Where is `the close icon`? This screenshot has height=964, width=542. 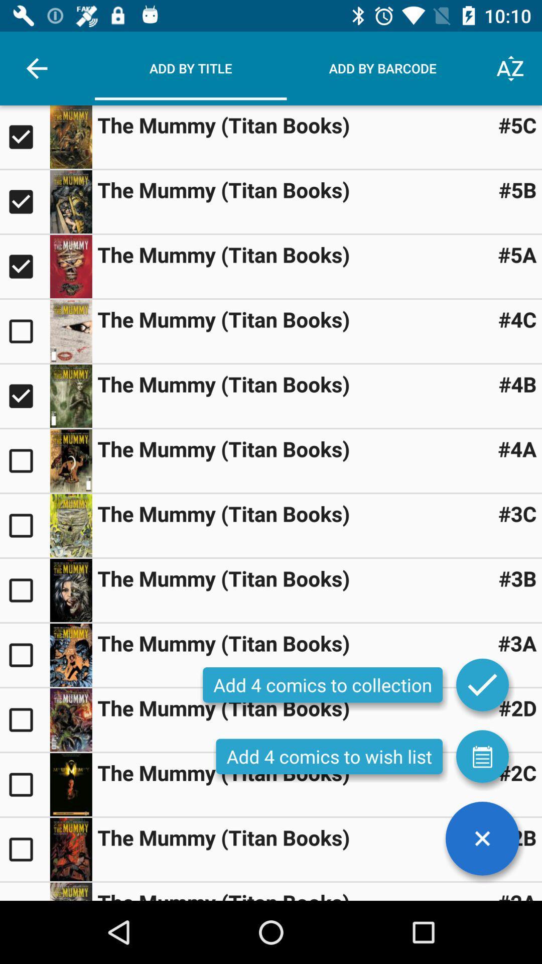 the close icon is located at coordinates (482, 838).